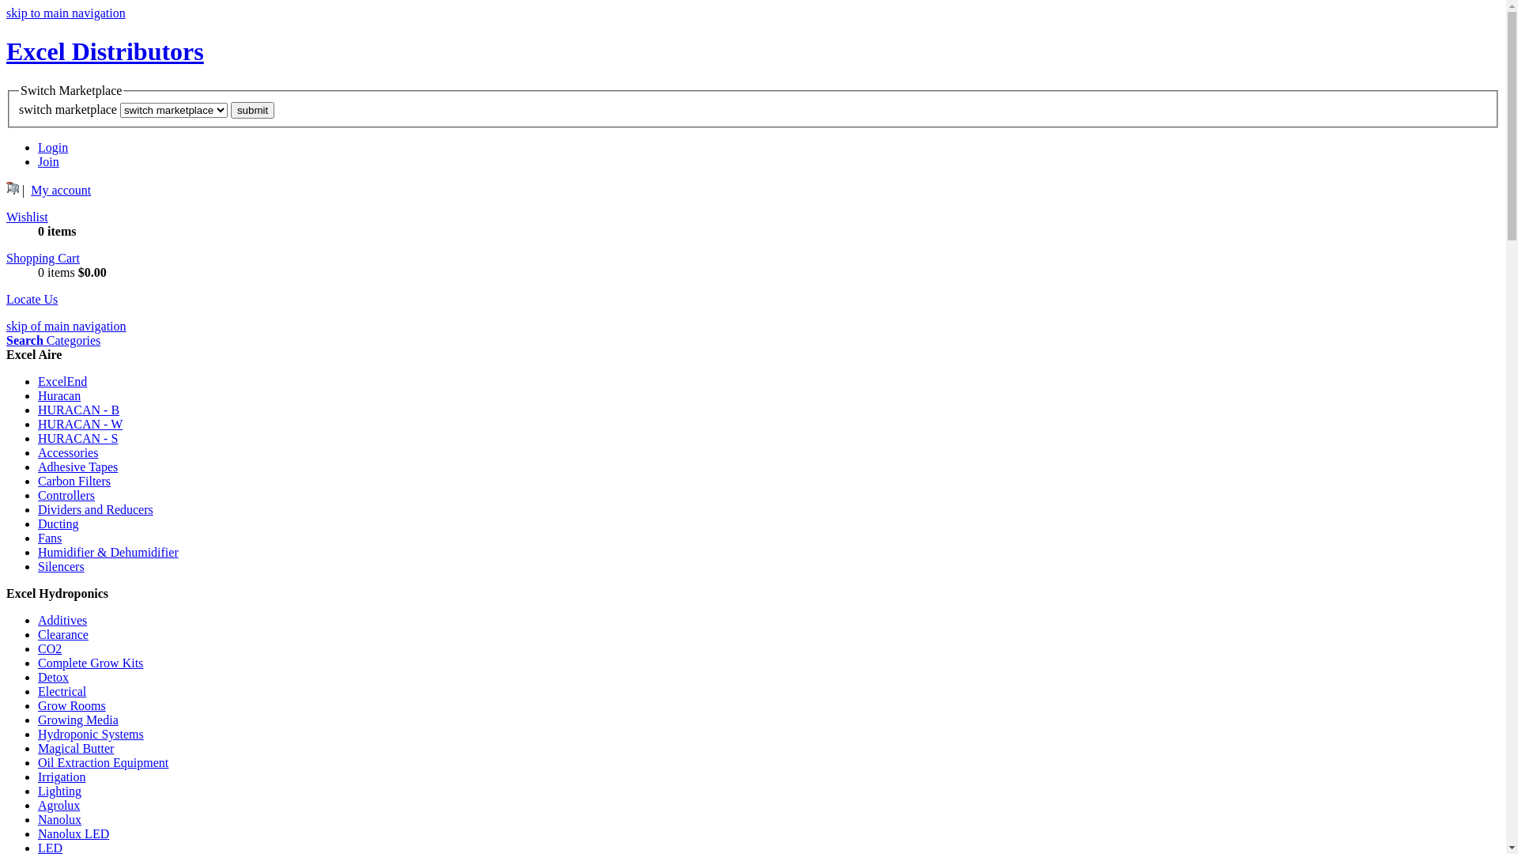 The height and width of the screenshot is (854, 1518). What do you see at coordinates (59, 395) in the screenshot?
I see `'Huracan'` at bounding box center [59, 395].